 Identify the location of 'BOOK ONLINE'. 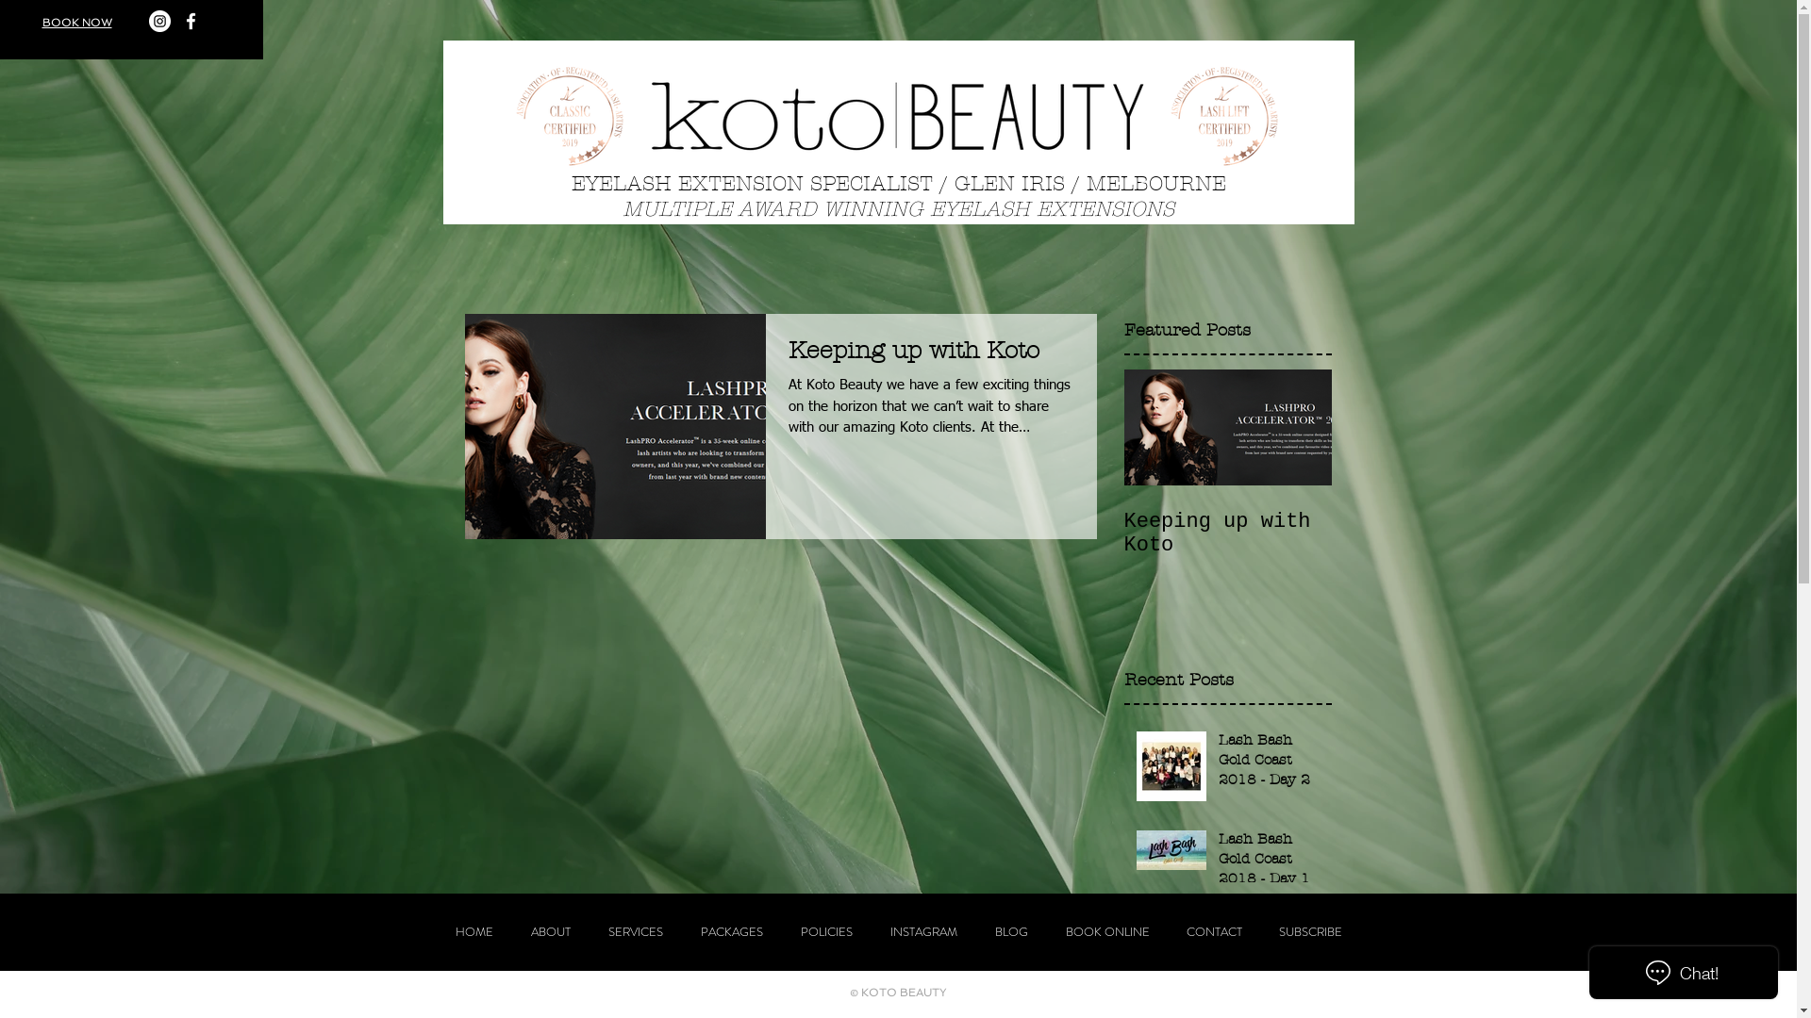
(1107, 930).